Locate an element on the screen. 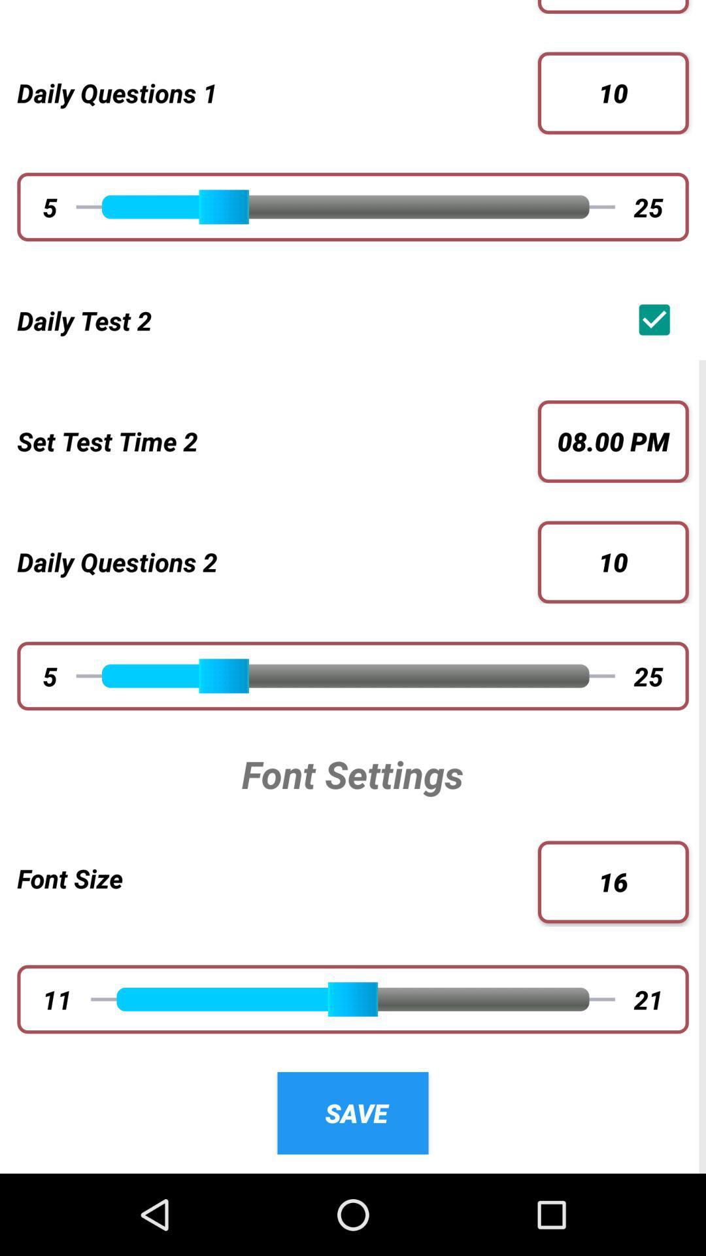 Image resolution: width=706 pixels, height=1256 pixels. icon above the  08.00 pm  button is located at coordinates (658, 320).